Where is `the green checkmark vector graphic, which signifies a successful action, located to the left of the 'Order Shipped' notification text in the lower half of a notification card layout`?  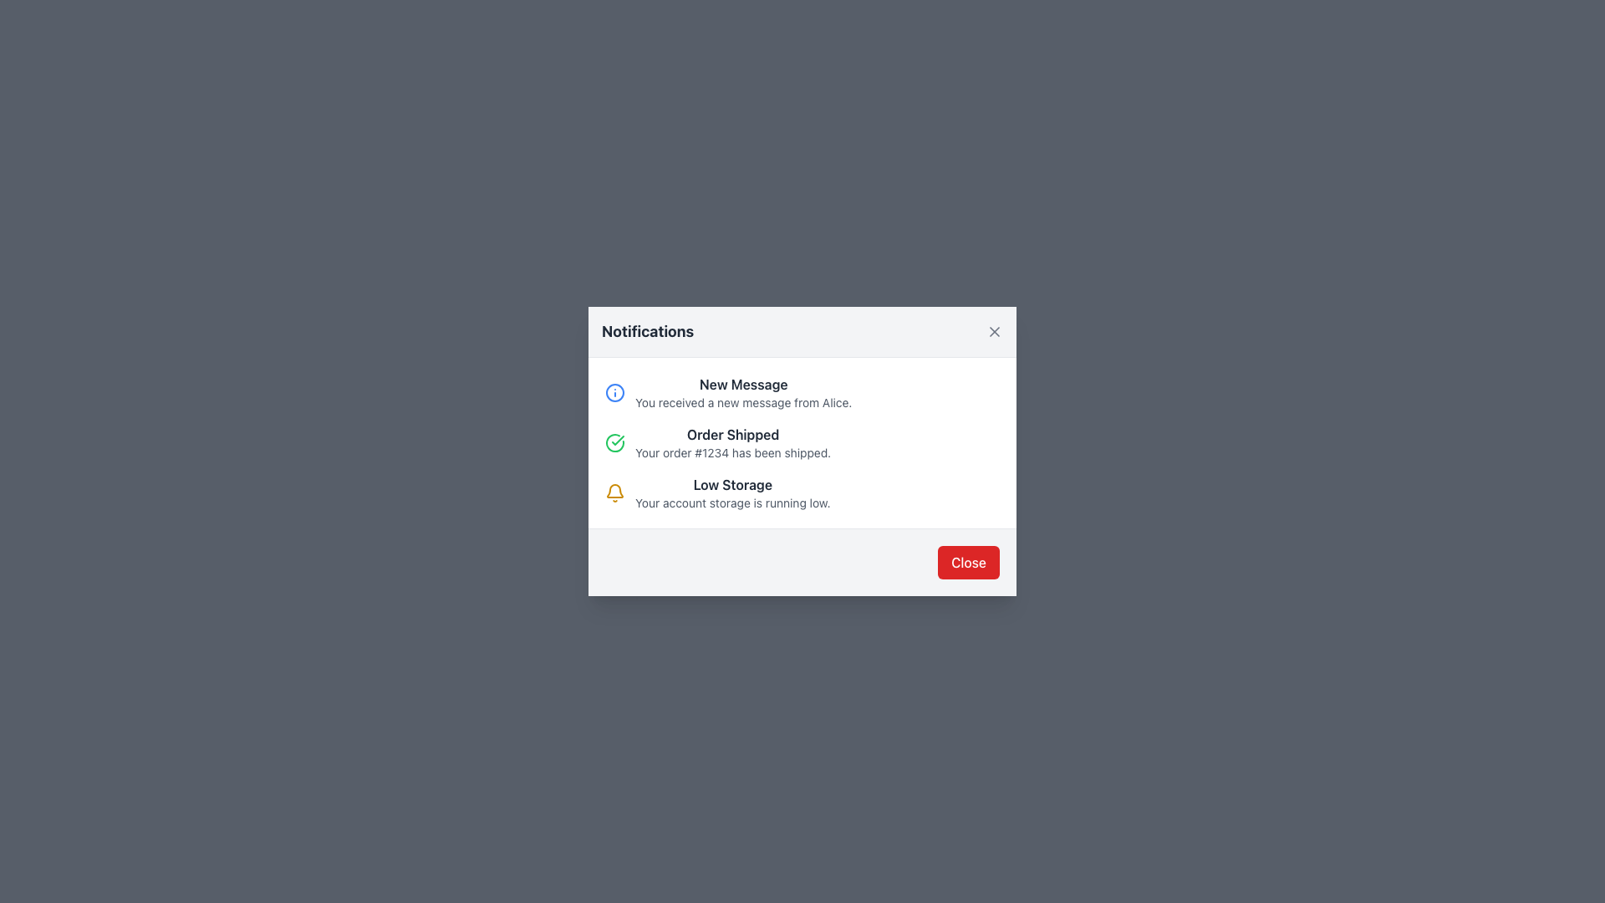 the green checkmark vector graphic, which signifies a successful action, located to the left of the 'Order Shipped' notification text in the lower half of a notification card layout is located at coordinates (617, 440).